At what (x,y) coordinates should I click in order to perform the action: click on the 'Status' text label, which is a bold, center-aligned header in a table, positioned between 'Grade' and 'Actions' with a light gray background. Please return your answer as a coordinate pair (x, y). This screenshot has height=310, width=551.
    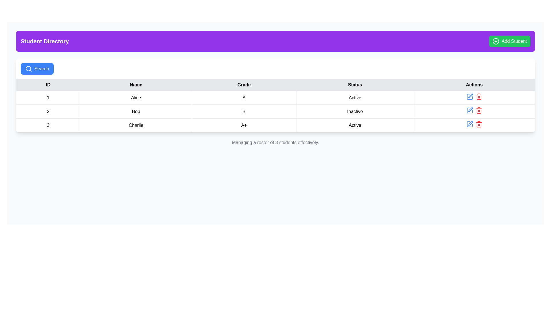
    Looking at the image, I should click on (355, 85).